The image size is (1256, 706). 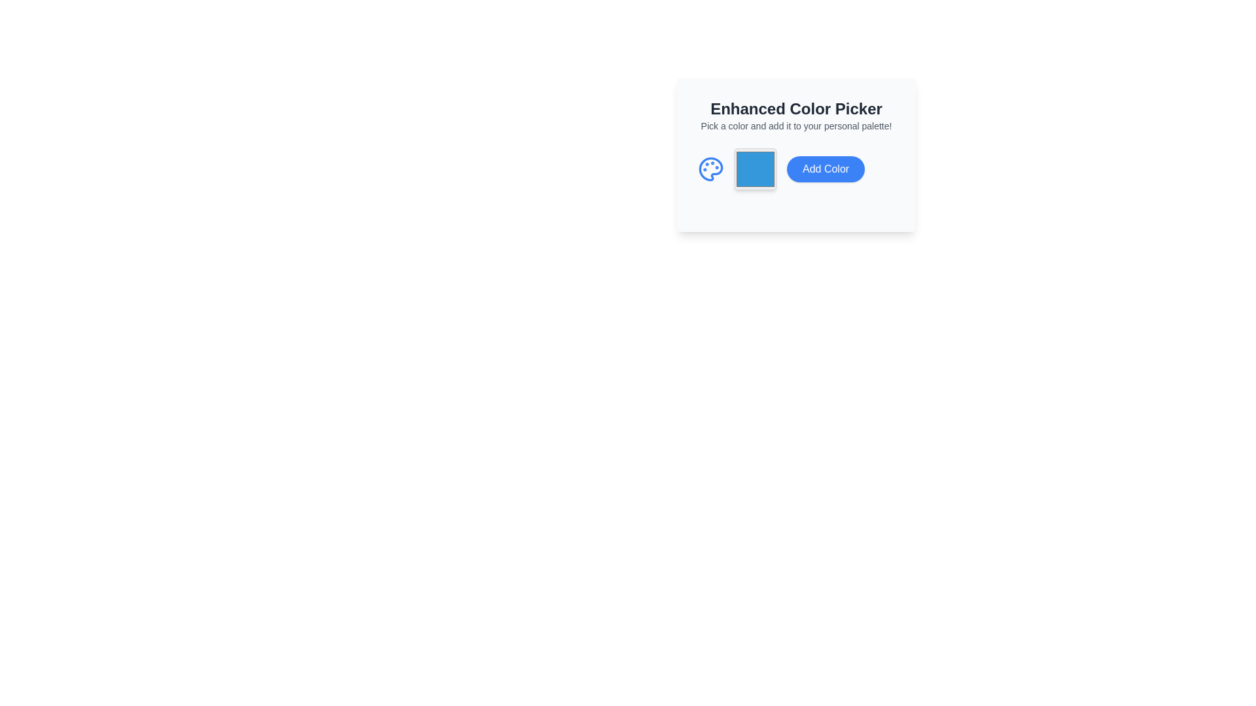 What do you see at coordinates (795, 115) in the screenshot?
I see `the title and subtitle text block that provides context and instructions for the color picker tool, located at the top-center of the section` at bounding box center [795, 115].